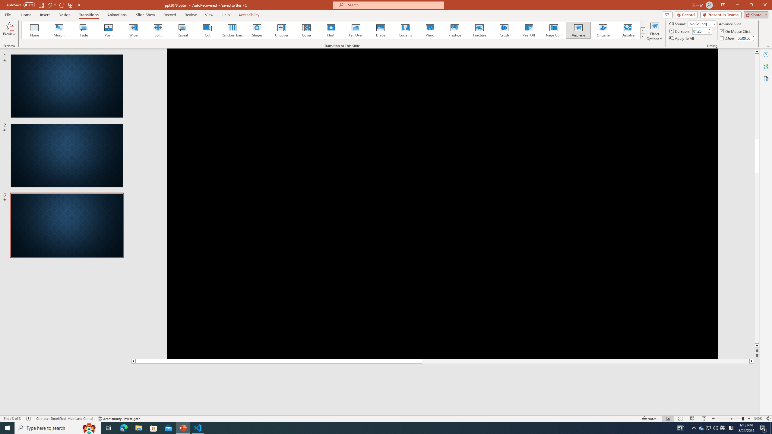 The height and width of the screenshot is (434, 772). I want to click on 'Drape', so click(380, 30).